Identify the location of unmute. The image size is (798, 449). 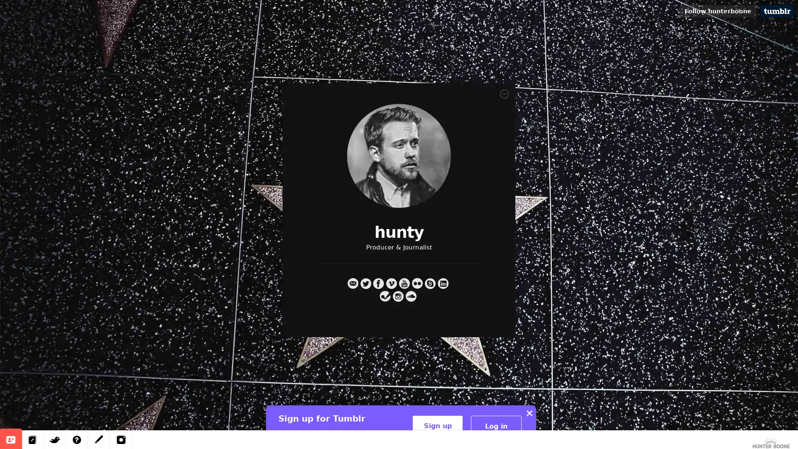
(756, 436).